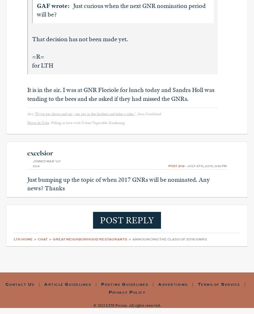 This screenshot has height=314, width=254. What do you see at coordinates (232, 285) in the screenshot?
I see `'ervice'` at bounding box center [232, 285].